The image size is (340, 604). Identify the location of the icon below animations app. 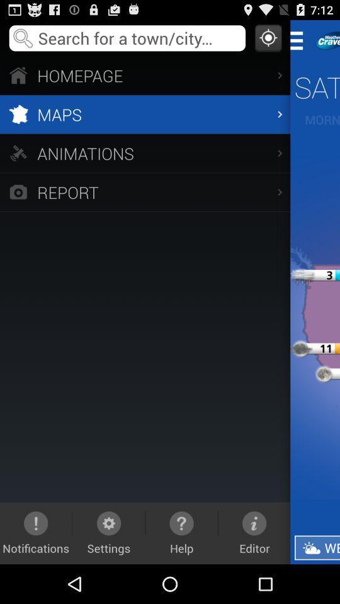
(144, 192).